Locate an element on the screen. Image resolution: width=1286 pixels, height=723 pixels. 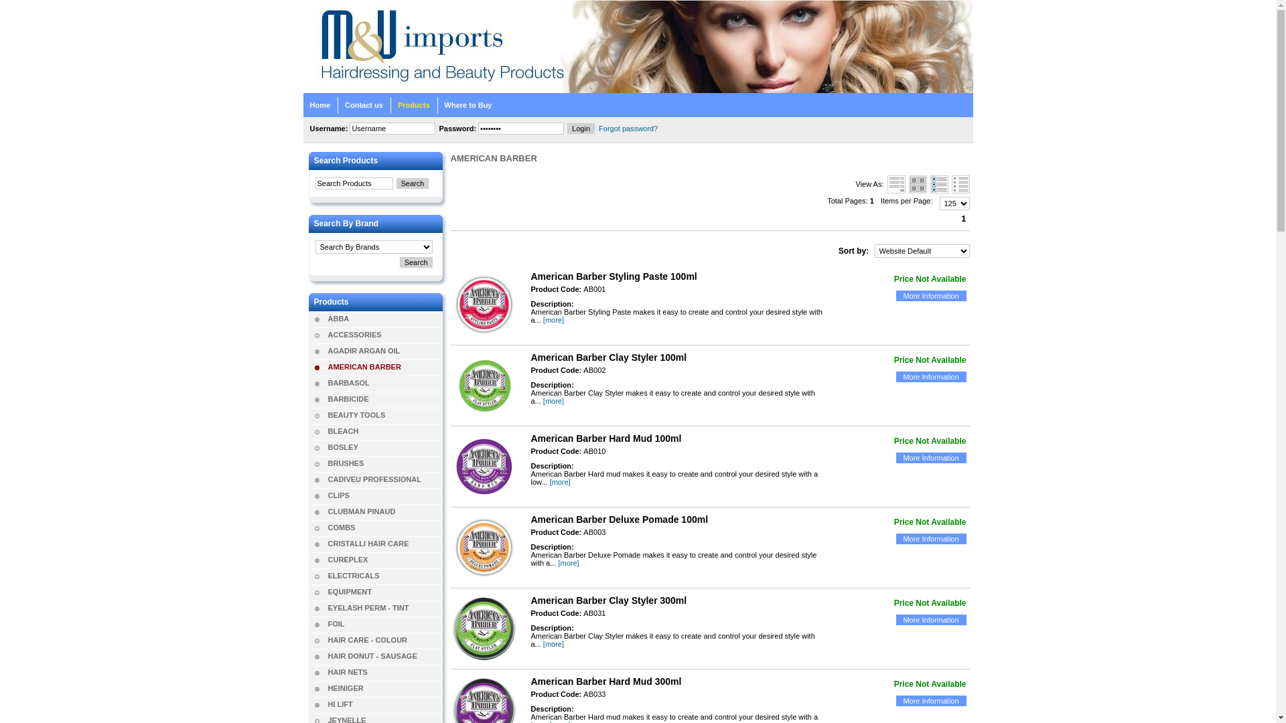
'COMBS' is located at coordinates (384, 526).